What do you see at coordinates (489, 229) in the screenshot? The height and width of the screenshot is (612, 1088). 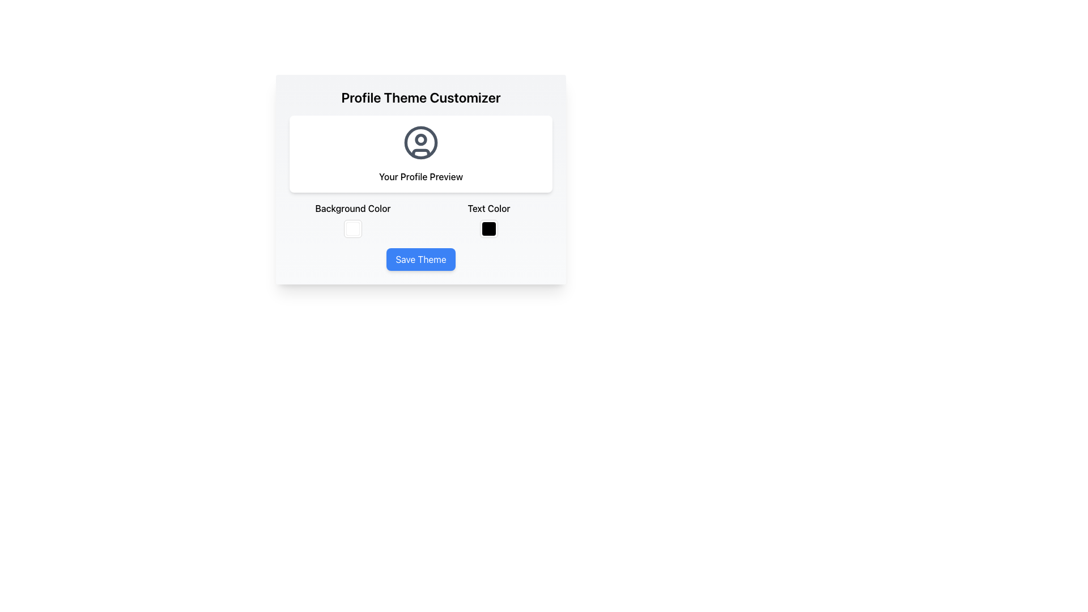 I see `the black square color picker trigger element located to the right of the 'Text Color' label` at bounding box center [489, 229].